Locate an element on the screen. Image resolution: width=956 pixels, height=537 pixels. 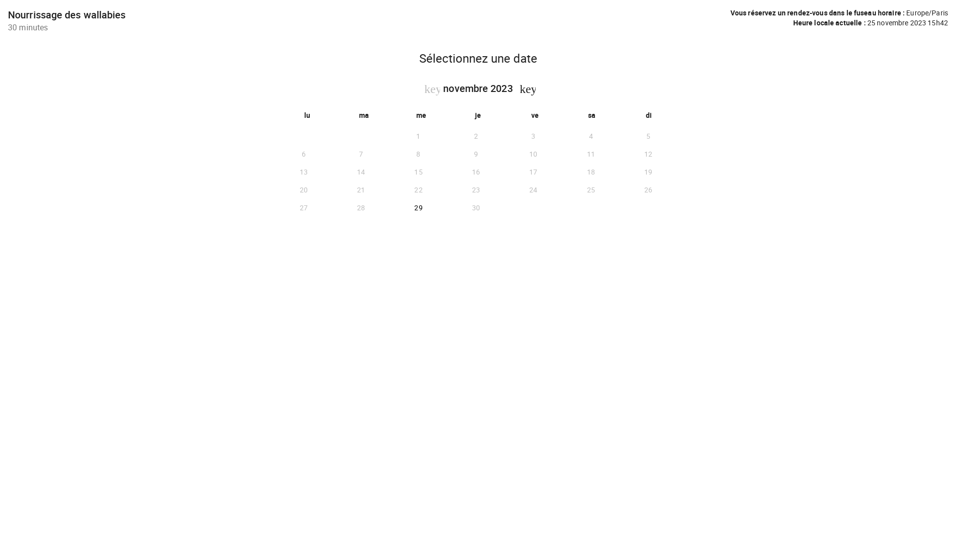
'28' is located at coordinates (360, 207).